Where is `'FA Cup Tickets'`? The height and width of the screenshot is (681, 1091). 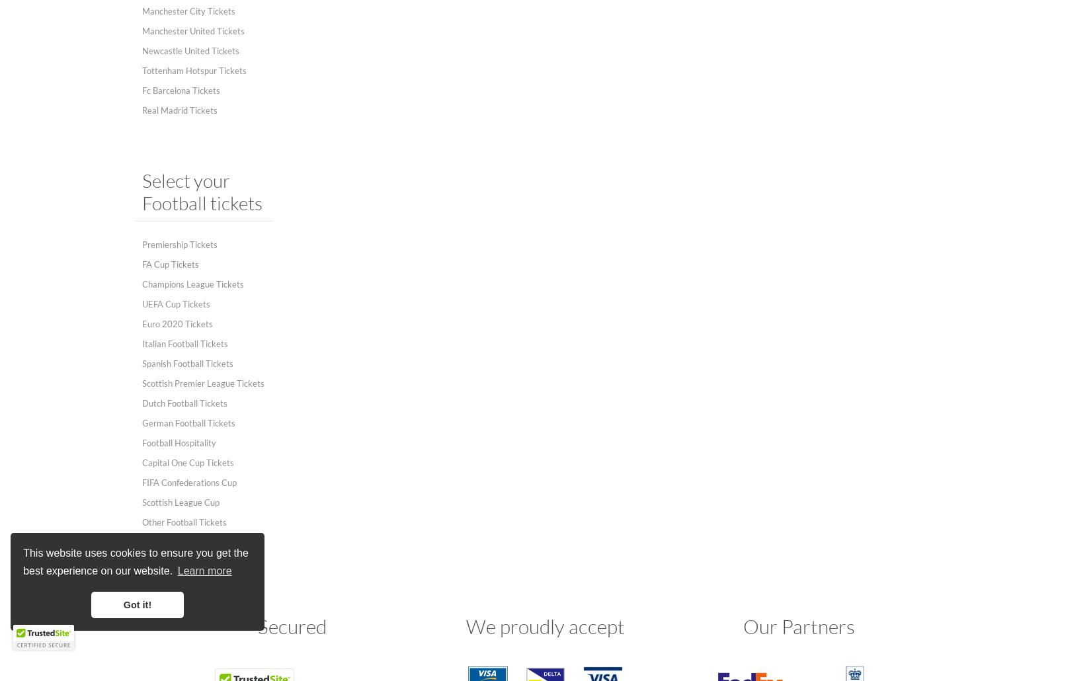
'FA Cup Tickets' is located at coordinates (141, 264).